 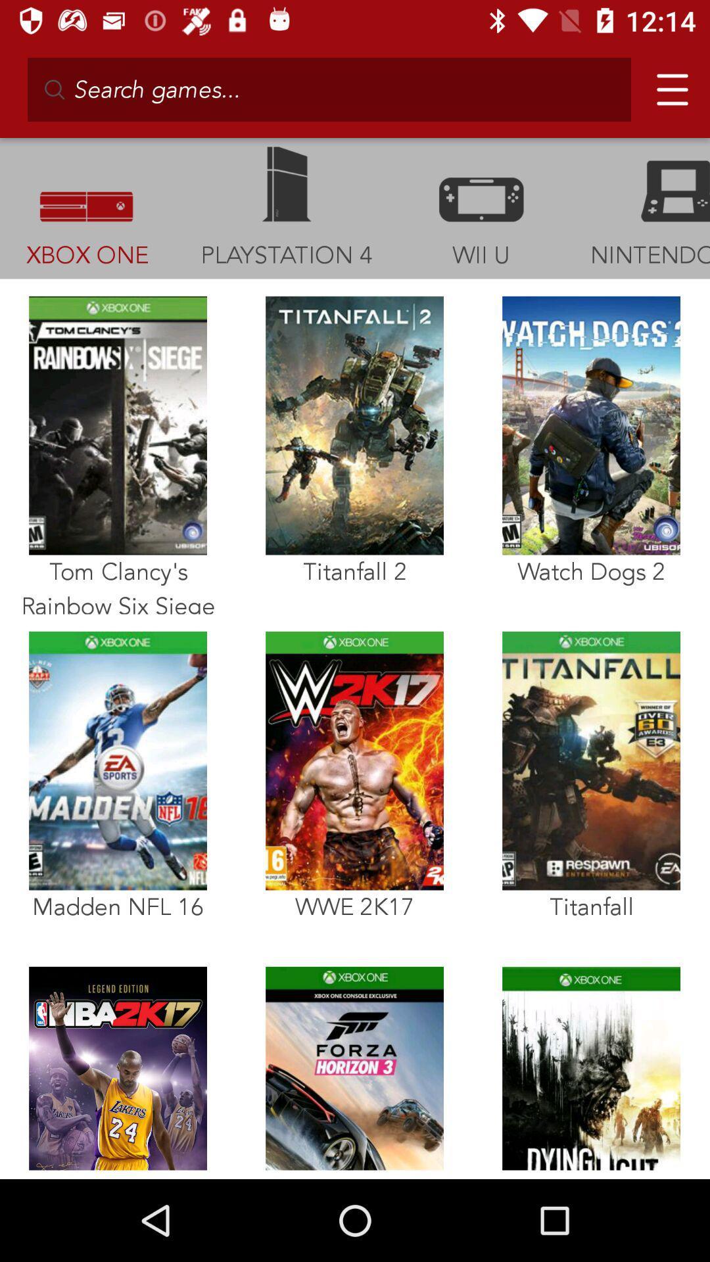 What do you see at coordinates (667, 83) in the screenshot?
I see `the menu icon` at bounding box center [667, 83].